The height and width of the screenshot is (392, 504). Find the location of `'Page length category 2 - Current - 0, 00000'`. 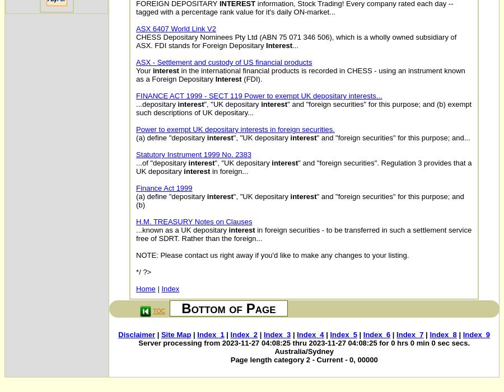

'Page length category 2 - Current - 0, 00000' is located at coordinates (303, 360).